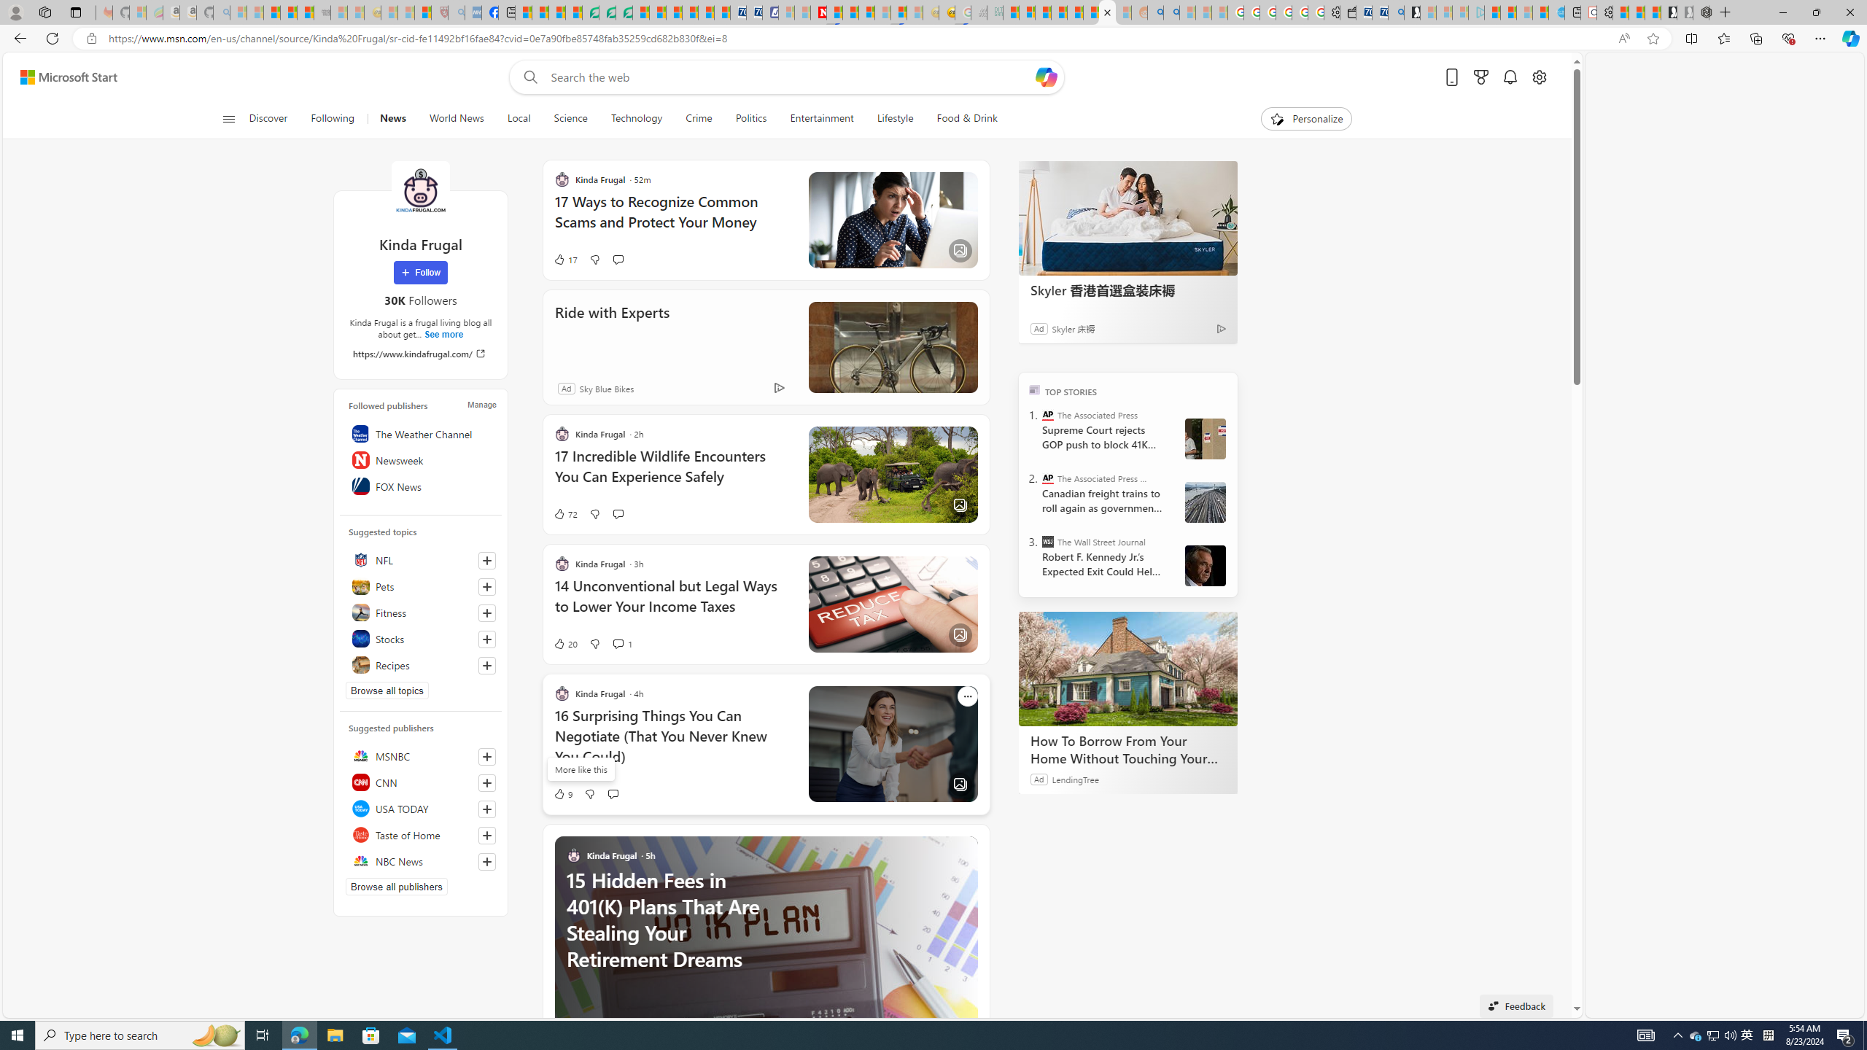 The image size is (1867, 1050). Describe the element at coordinates (1171, 12) in the screenshot. I see `'Utah sues federal government - Search'` at that location.